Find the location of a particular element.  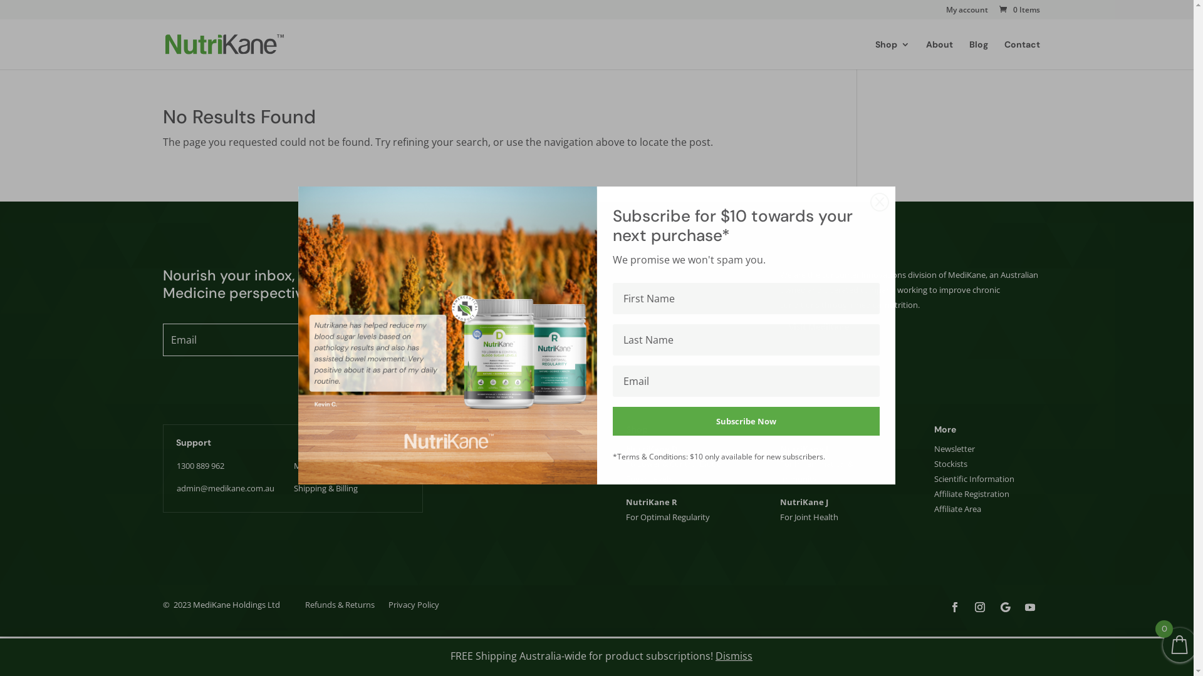

'Follow on Youtube' is located at coordinates (1029, 606).